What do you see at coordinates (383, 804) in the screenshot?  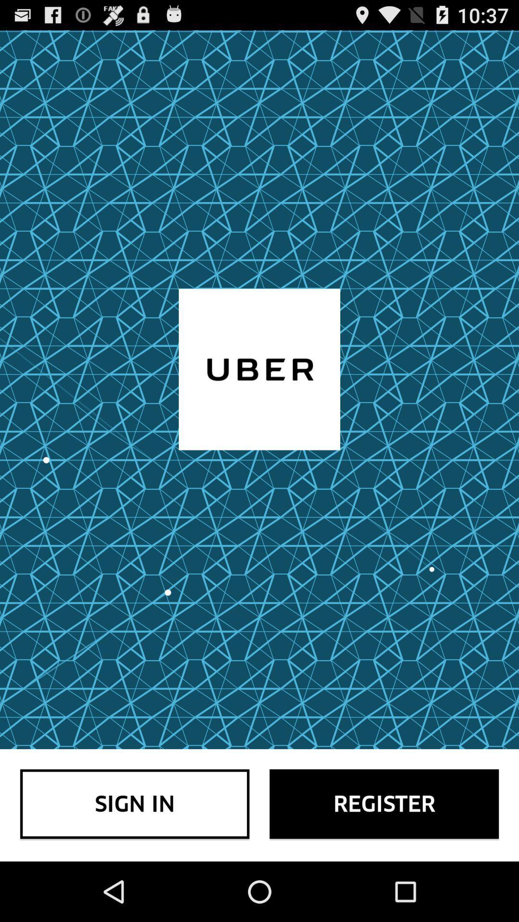 I see `item at the bottom right corner` at bounding box center [383, 804].